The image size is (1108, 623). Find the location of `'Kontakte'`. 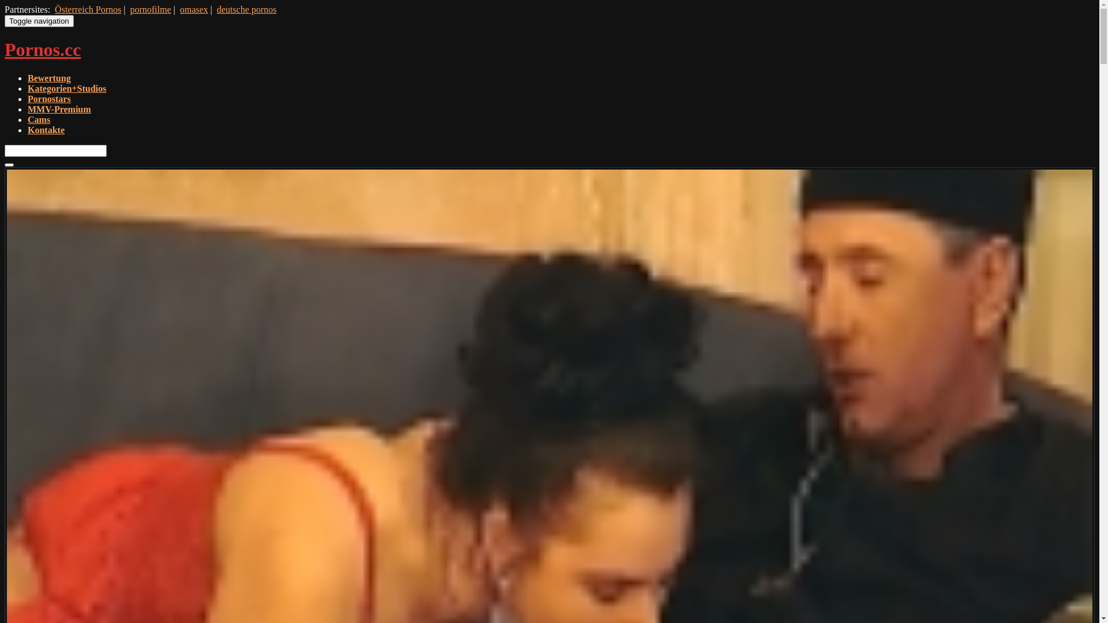

'Kontakte' is located at coordinates (46, 130).